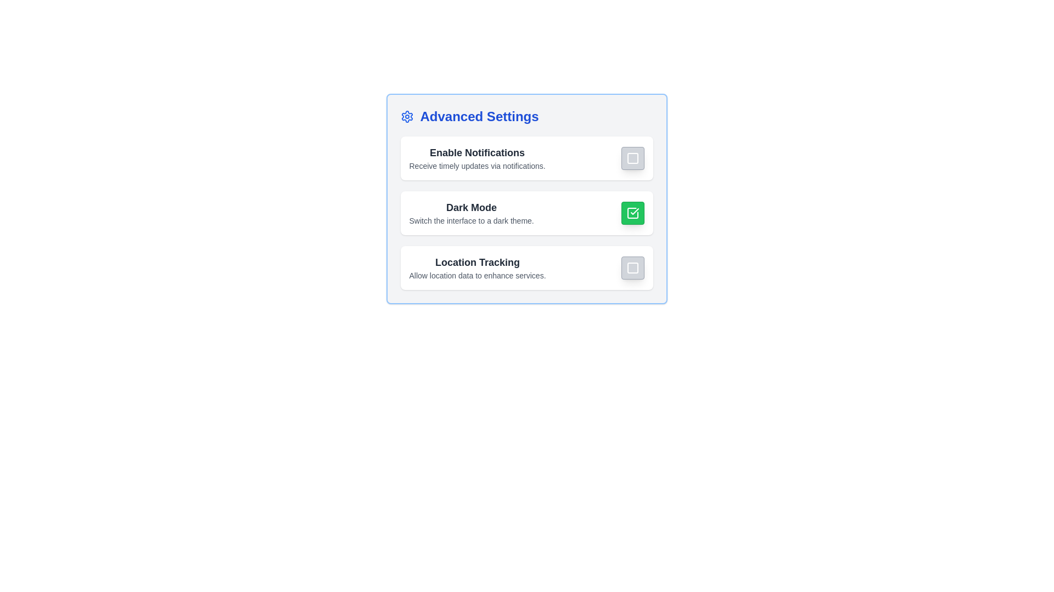 The width and height of the screenshot is (1054, 592). Describe the element at coordinates (472, 213) in the screenshot. I see `the 'Dark Mode' descriptive text label, which is part of the settings list and is located between 'Enable Notifications' and 'Location Tracking'` at that location.